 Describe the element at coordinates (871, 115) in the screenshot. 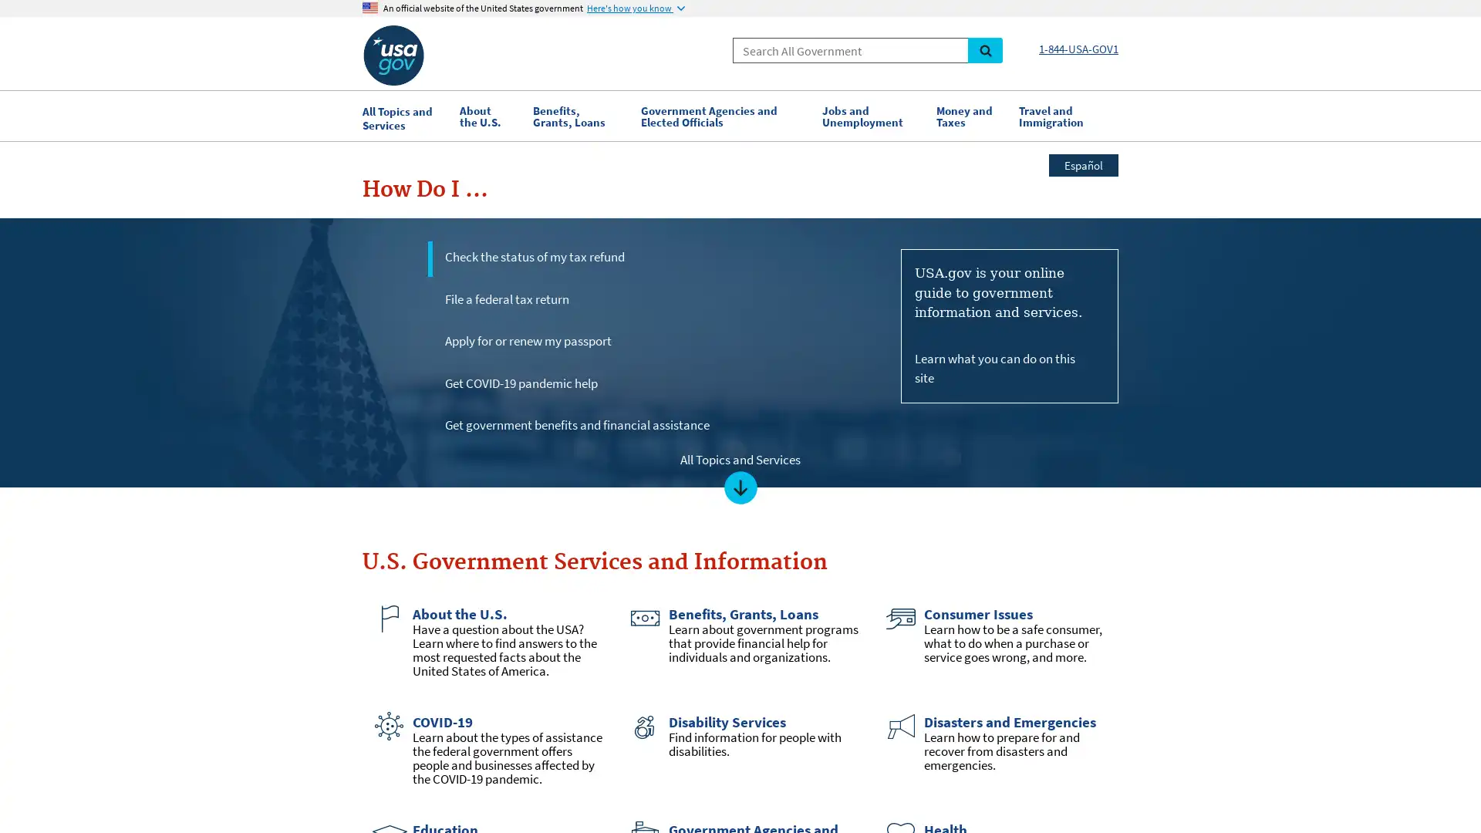

I see `Jobs and Unemployment` at that location.